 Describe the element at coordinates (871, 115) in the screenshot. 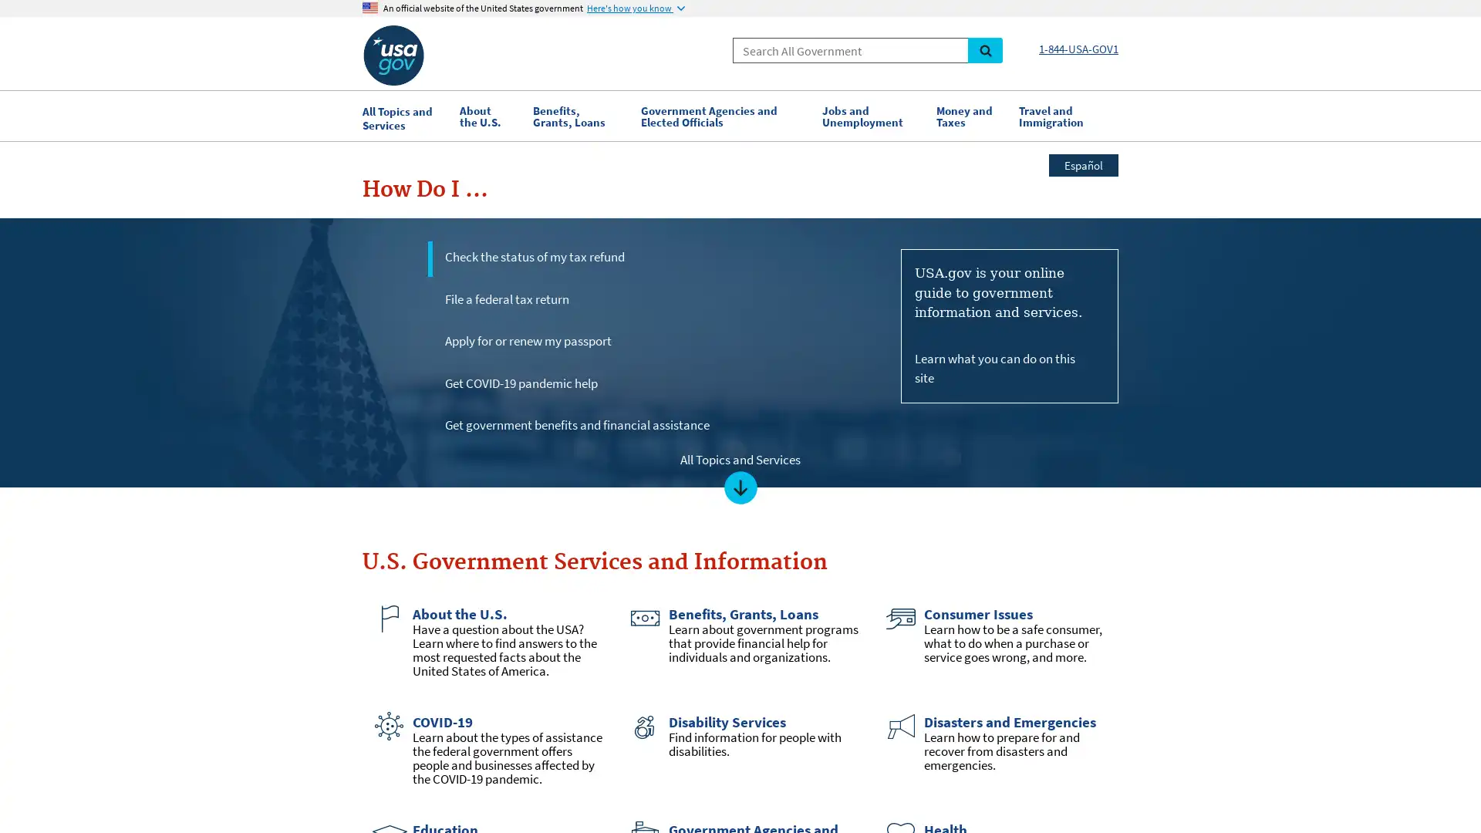

I see `Jobs and Unemployment` at that location.